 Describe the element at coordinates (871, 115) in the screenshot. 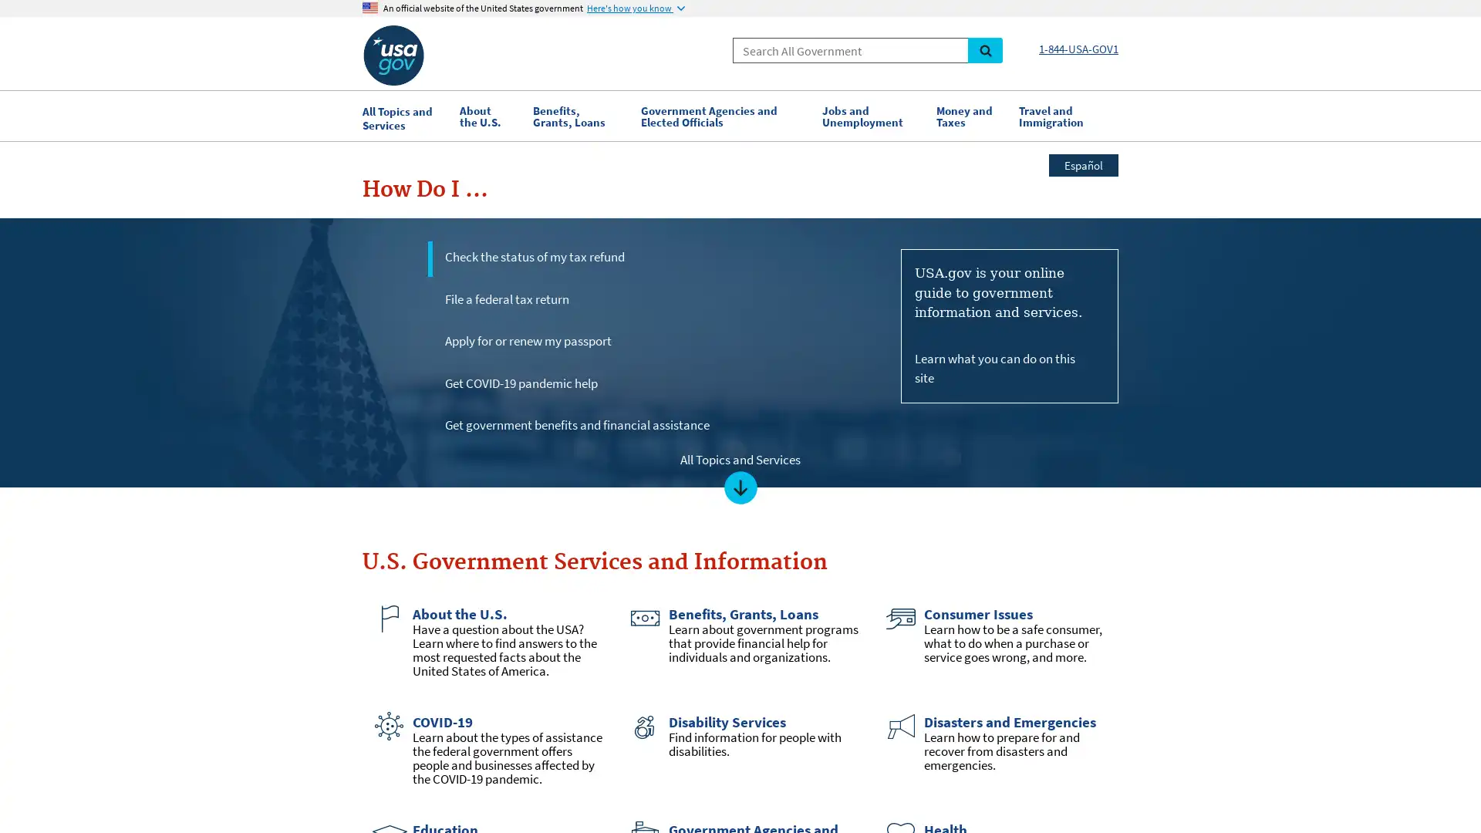

I see `Jobs and Unemployment` at that location.